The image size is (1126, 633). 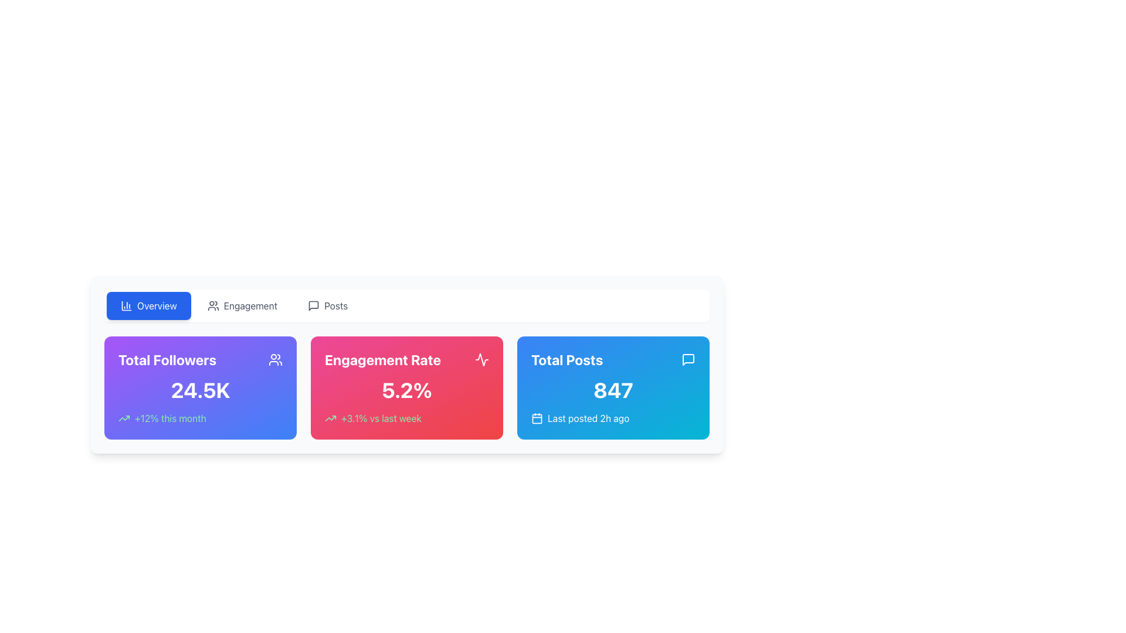 What do you see at coordinates (481, 359) in the screenshot?
I see `the activity graph icon located at the top-right corner of the 'Engagement Rate' metric card, which is represented as a stylized heartbeat signal` at bounding box center [481, 359].